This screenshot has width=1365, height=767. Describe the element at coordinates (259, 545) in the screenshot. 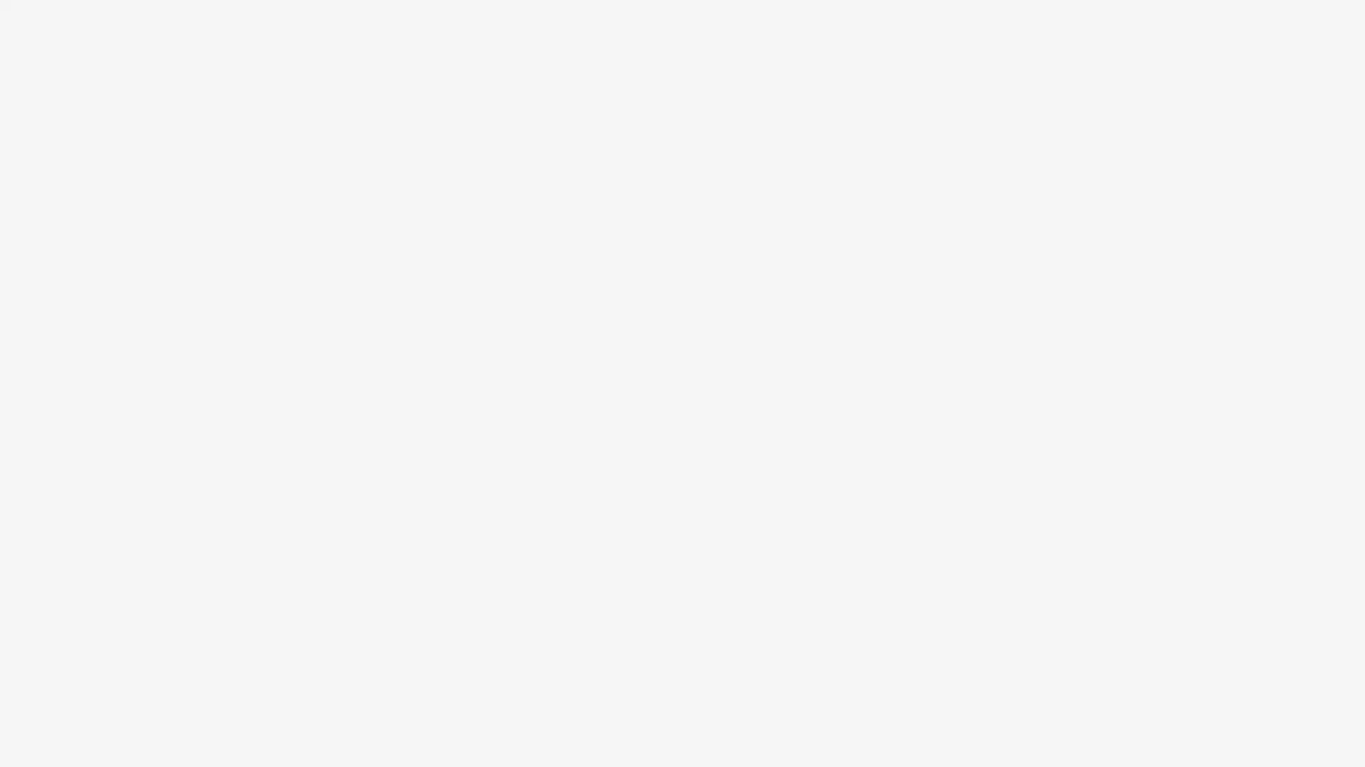

I see `Close` at that location.